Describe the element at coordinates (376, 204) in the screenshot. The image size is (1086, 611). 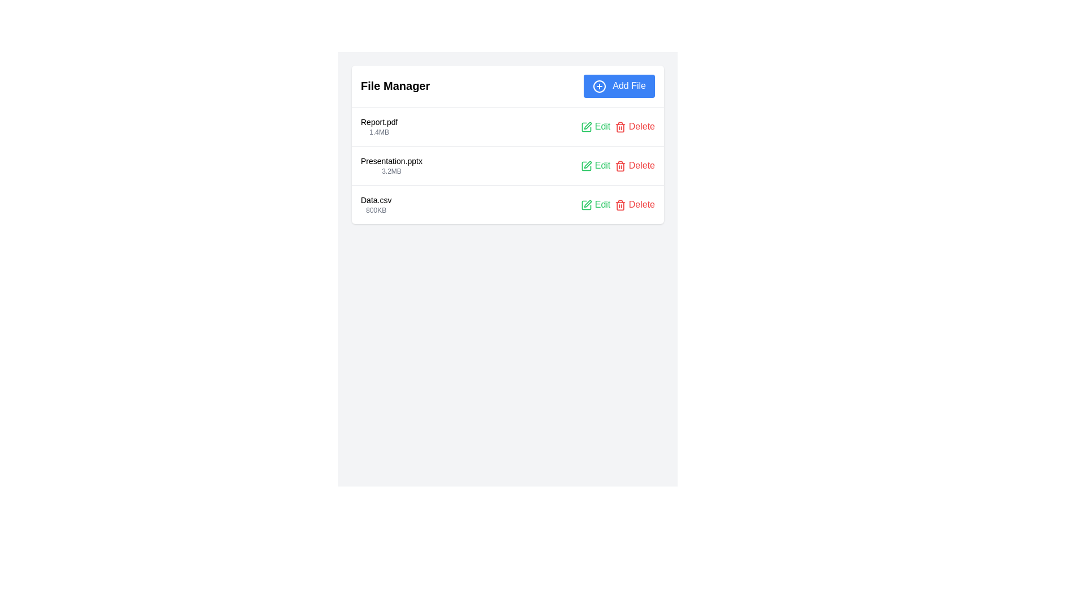
I see `the third text display element in the 'File Manager' that shows the name and size of a file, located below 'Report.pdf' and 'Presentation.pptx'` at that location.